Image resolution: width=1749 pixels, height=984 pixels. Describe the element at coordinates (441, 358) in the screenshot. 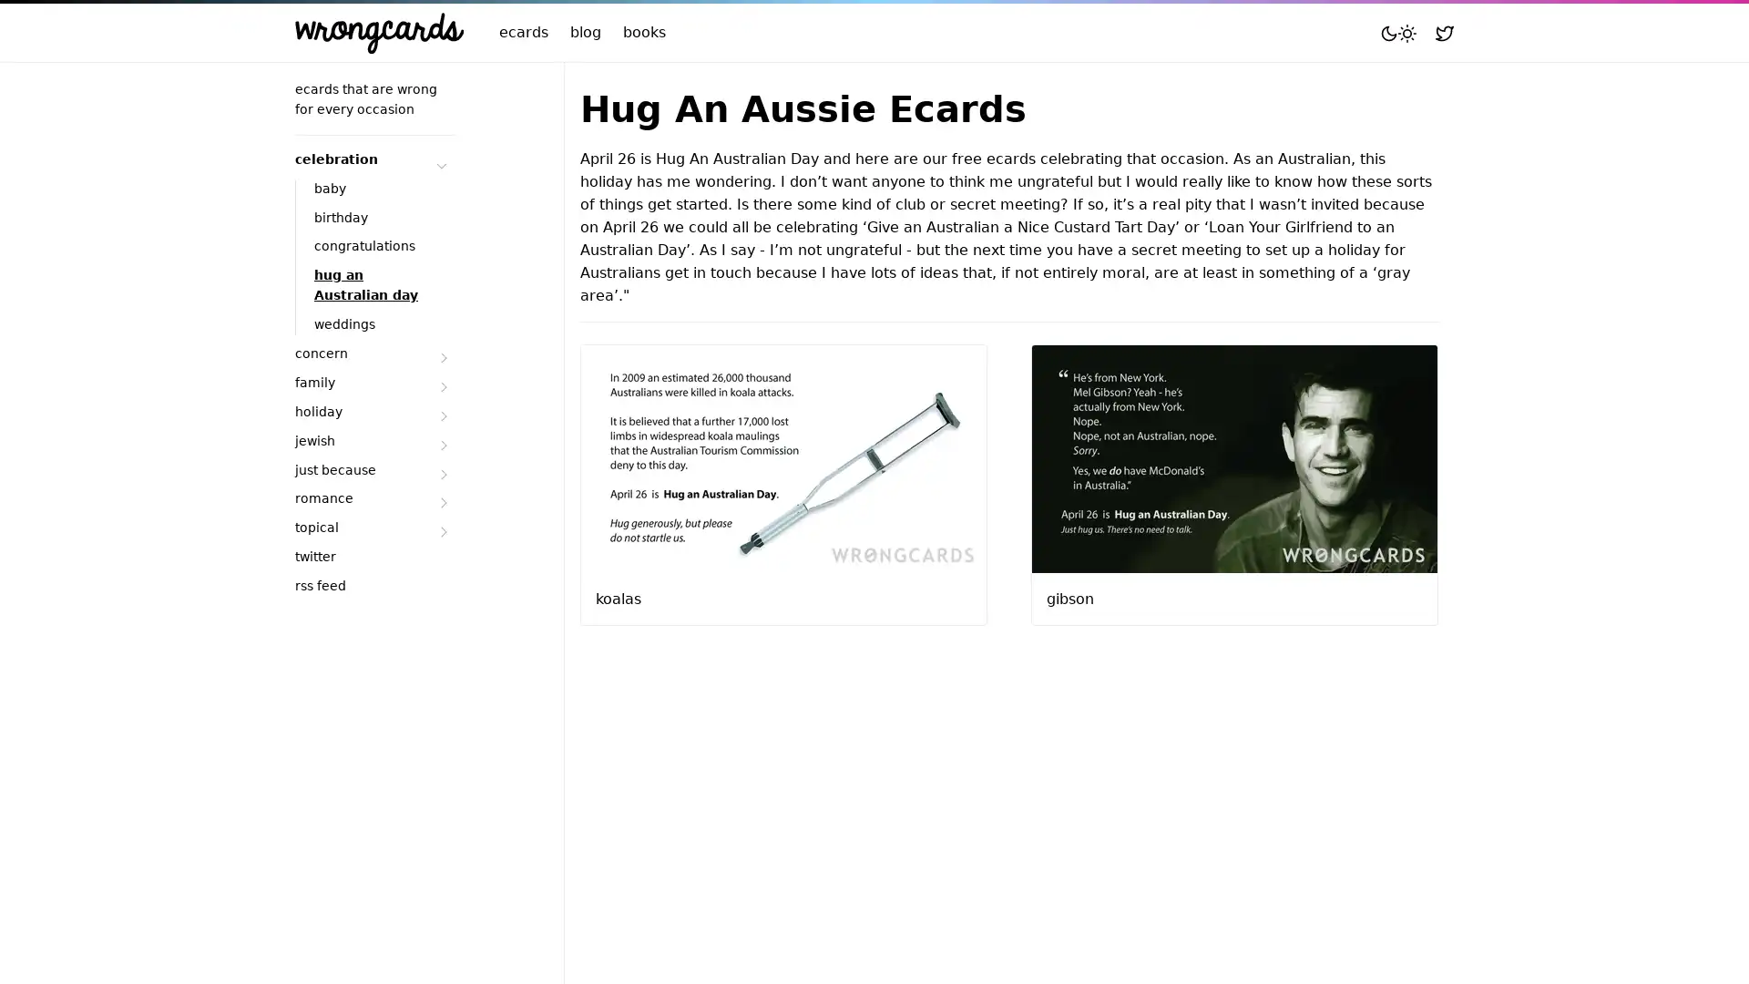

I see `Submenu` at that location.